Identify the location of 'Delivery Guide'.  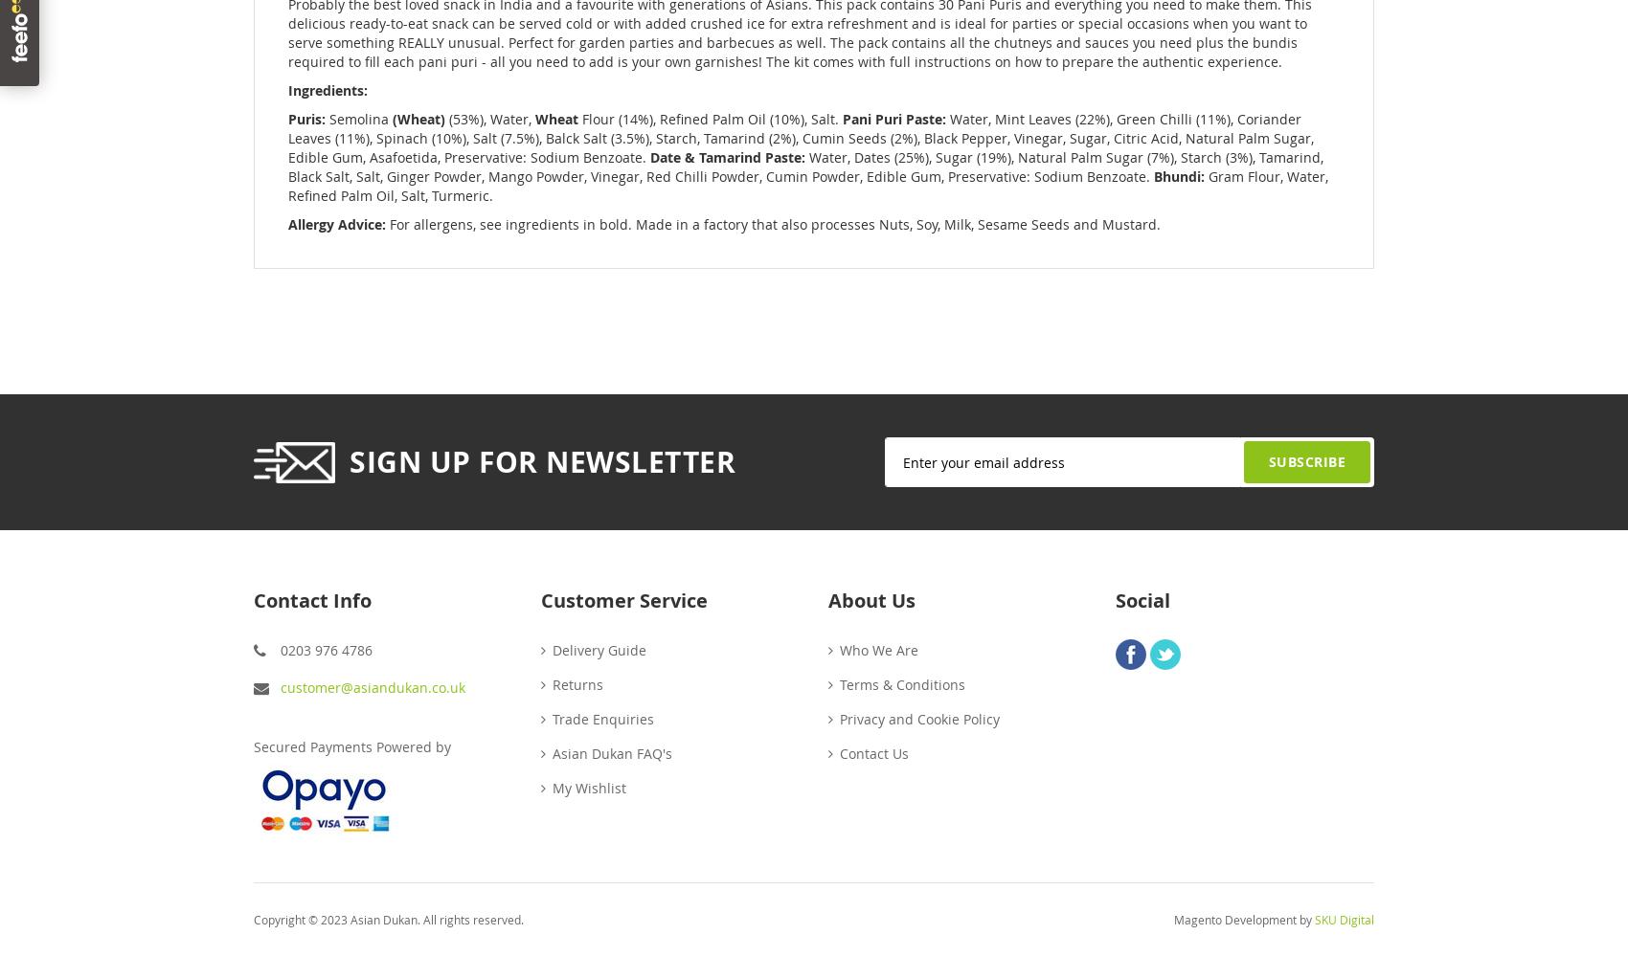
(551, 649).